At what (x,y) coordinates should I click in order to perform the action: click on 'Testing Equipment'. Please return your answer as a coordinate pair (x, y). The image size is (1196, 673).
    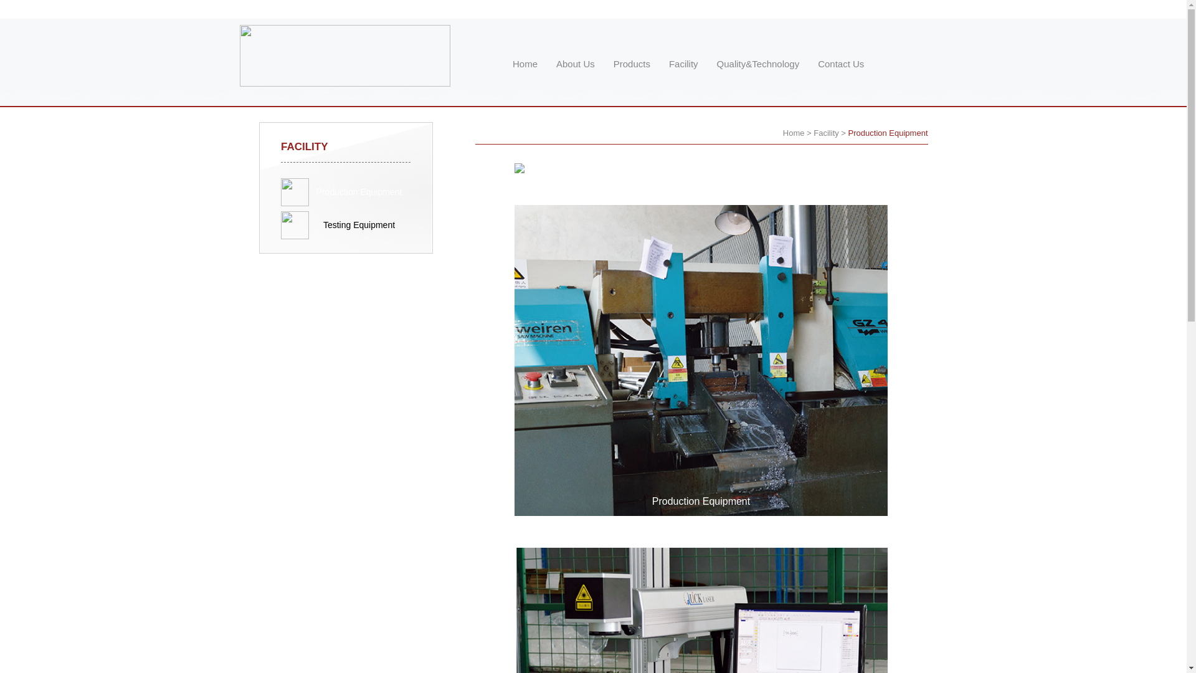
    Looking at the image, I should click on (346, 225).